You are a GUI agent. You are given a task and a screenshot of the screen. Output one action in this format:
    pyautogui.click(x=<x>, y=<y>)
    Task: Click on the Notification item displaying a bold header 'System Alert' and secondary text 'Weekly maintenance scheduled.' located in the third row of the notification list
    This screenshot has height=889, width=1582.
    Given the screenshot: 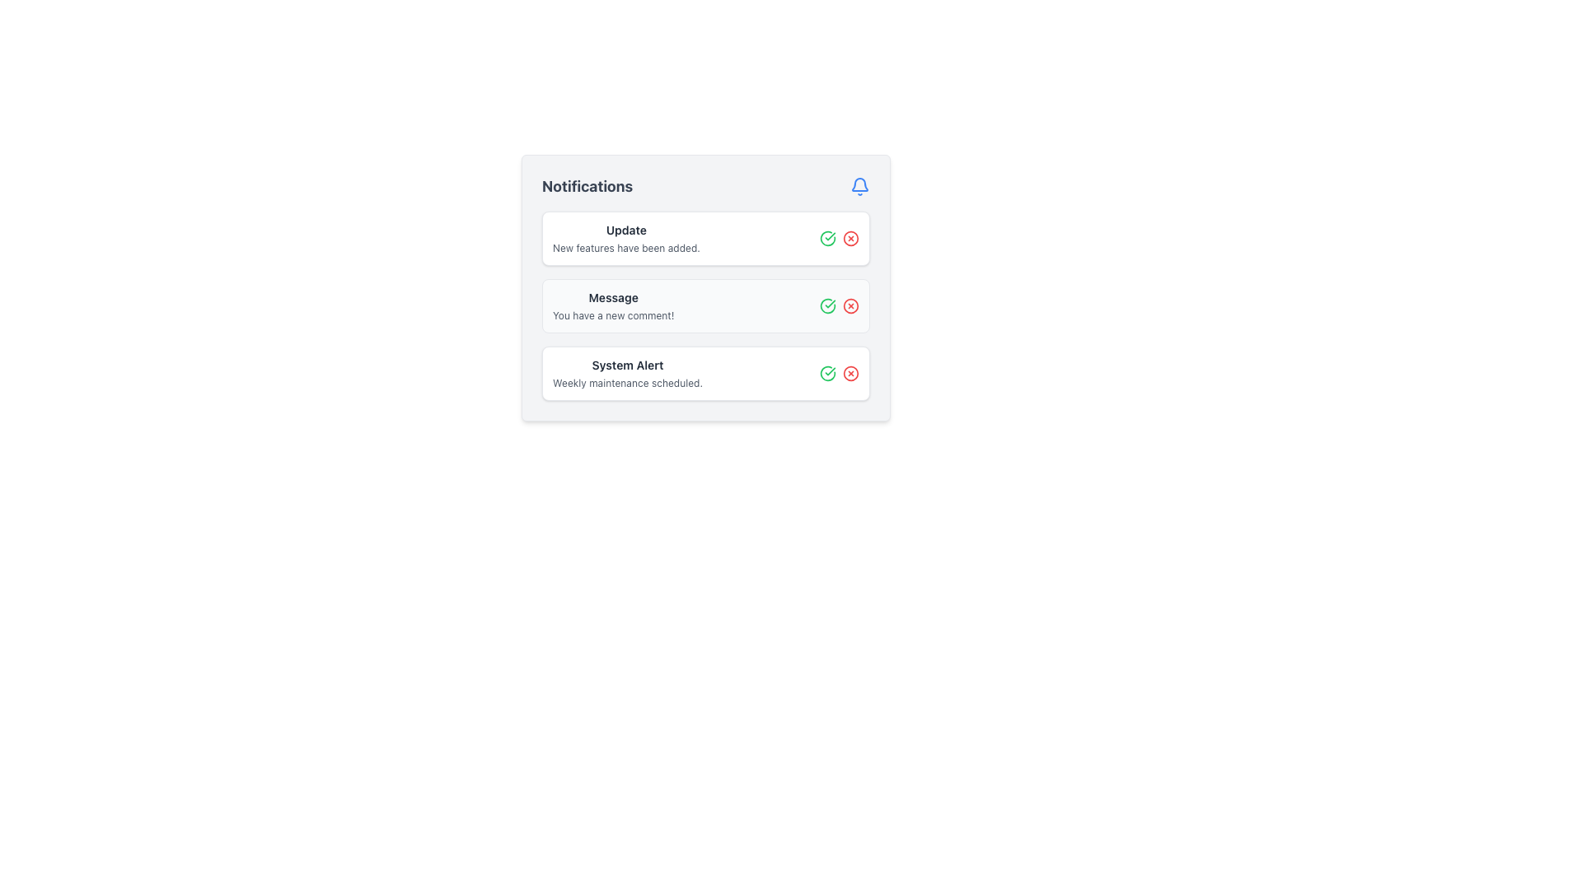 What is the action you would take?
    pyautogui.click(x=627, y=374)
    